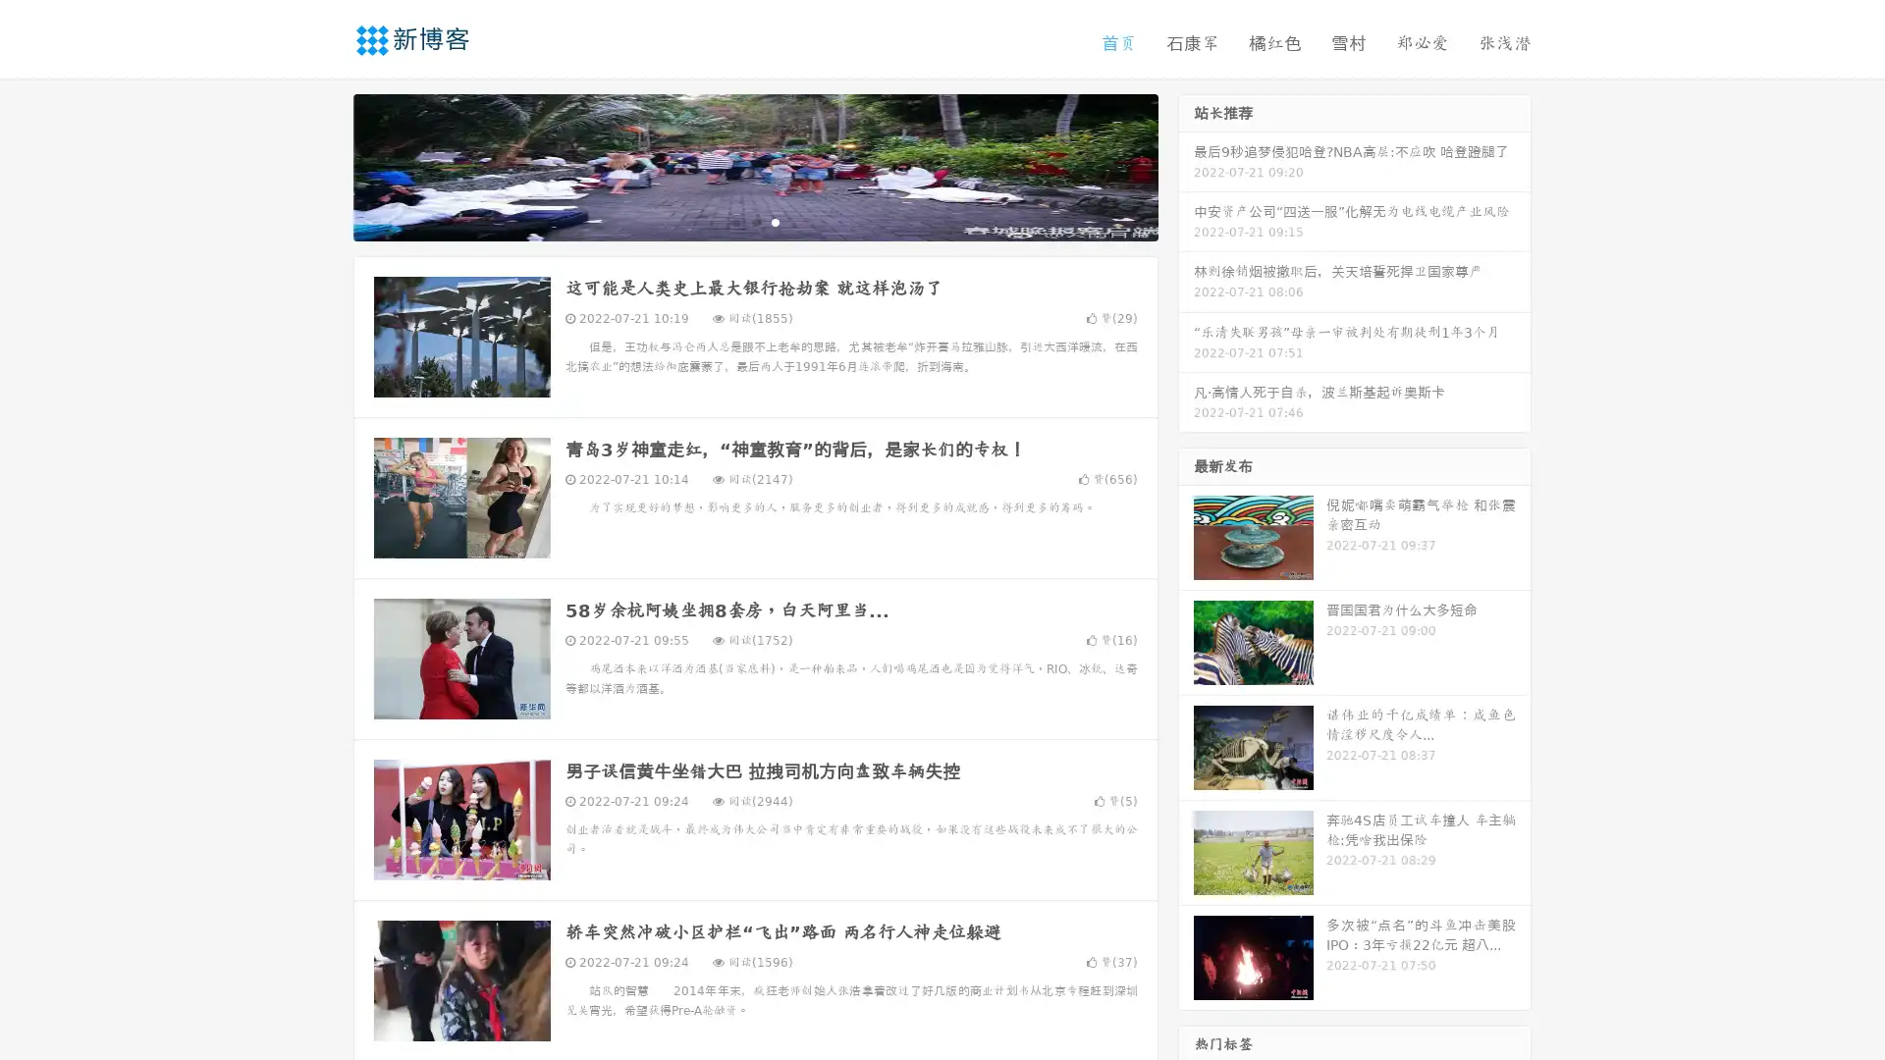  I want to click on Previous slide, so click(324, 165).